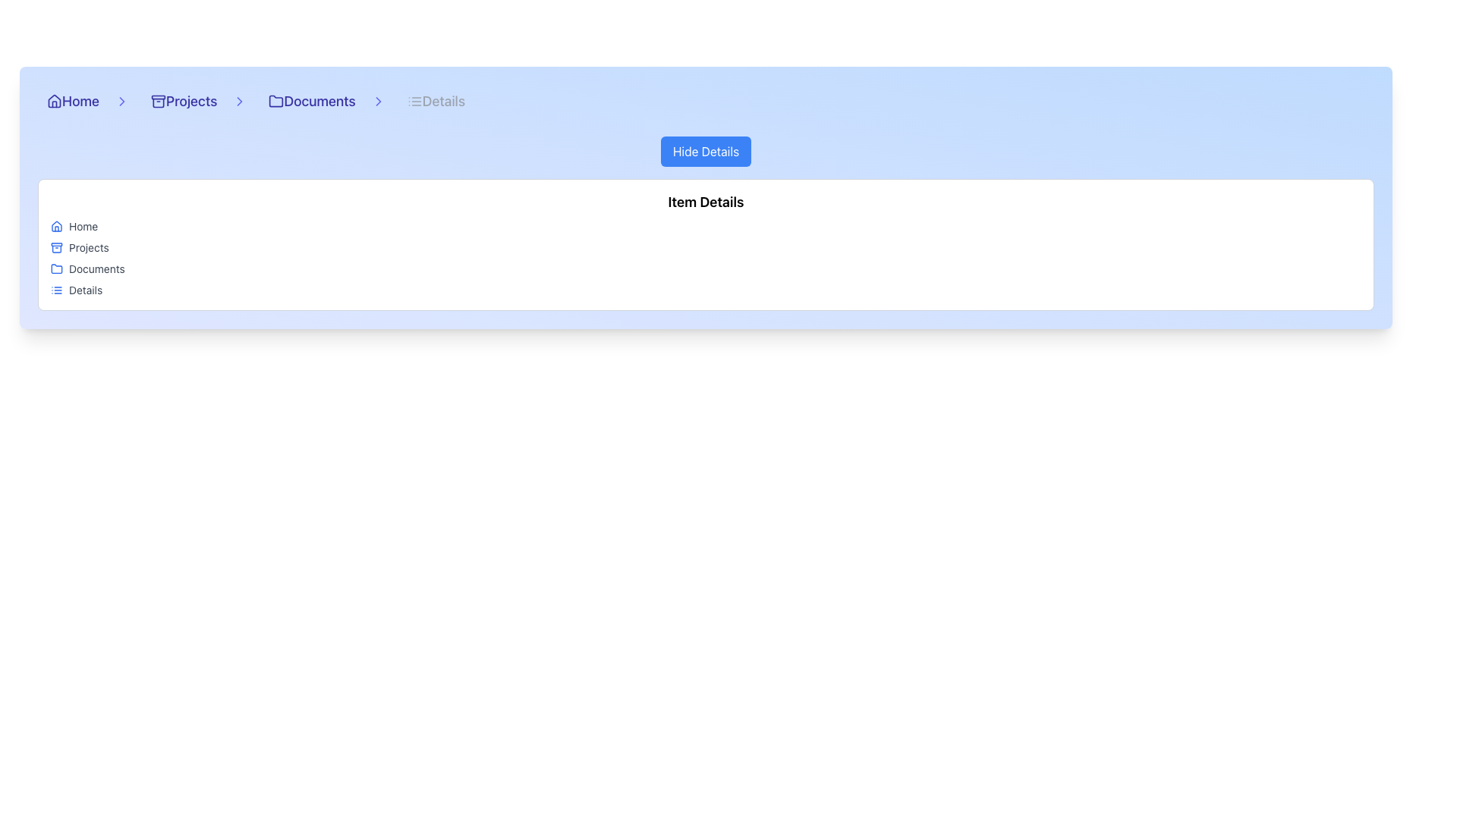 The width and height of the screenshot is (1457, 819). Describe the element at coordinates (57, 290) in the screenshot. I see `the blue list view icon in the breadcrumb navigation bar, which is located to the left of the 'Details' text` at that location.